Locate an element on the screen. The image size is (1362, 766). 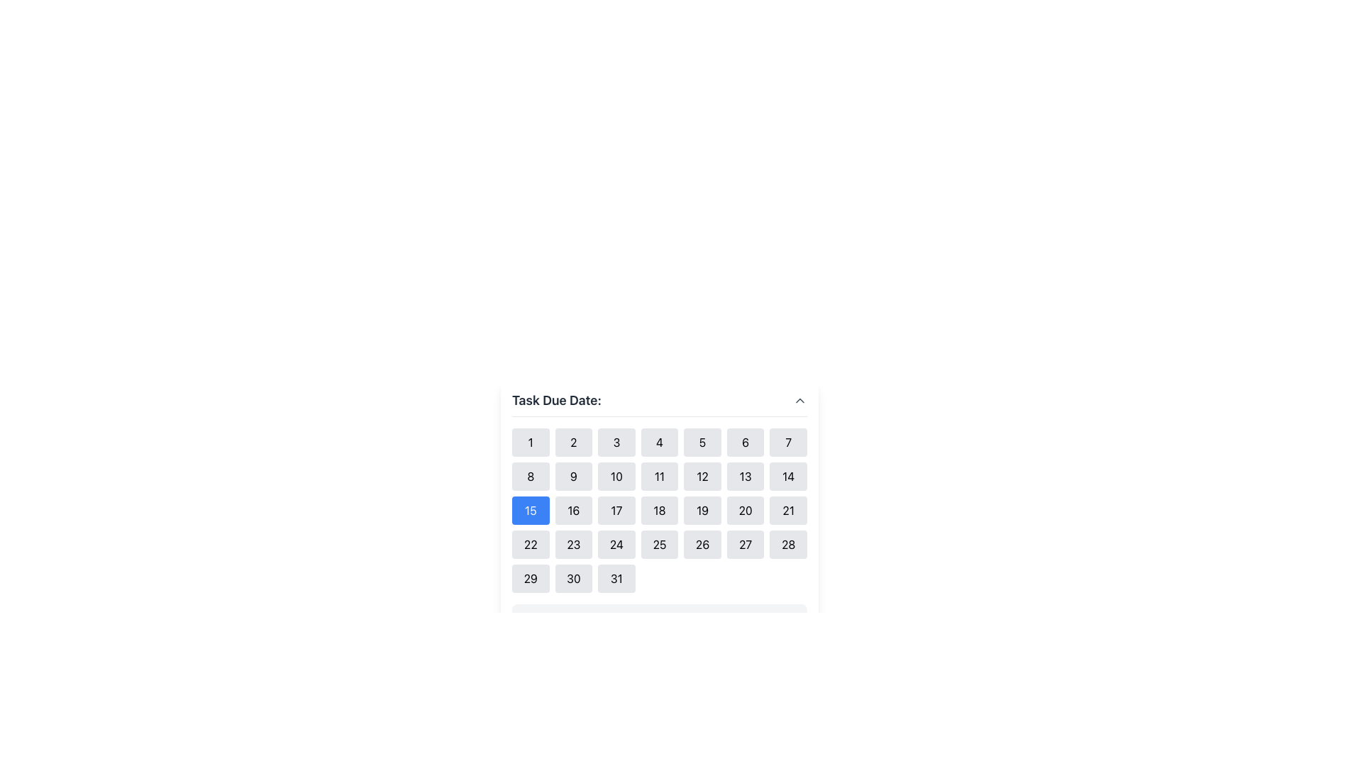
the button representing the date in the date picker grid located in the fourth row and first column under 'Task Due Date' is located at coordinates (530, 543).